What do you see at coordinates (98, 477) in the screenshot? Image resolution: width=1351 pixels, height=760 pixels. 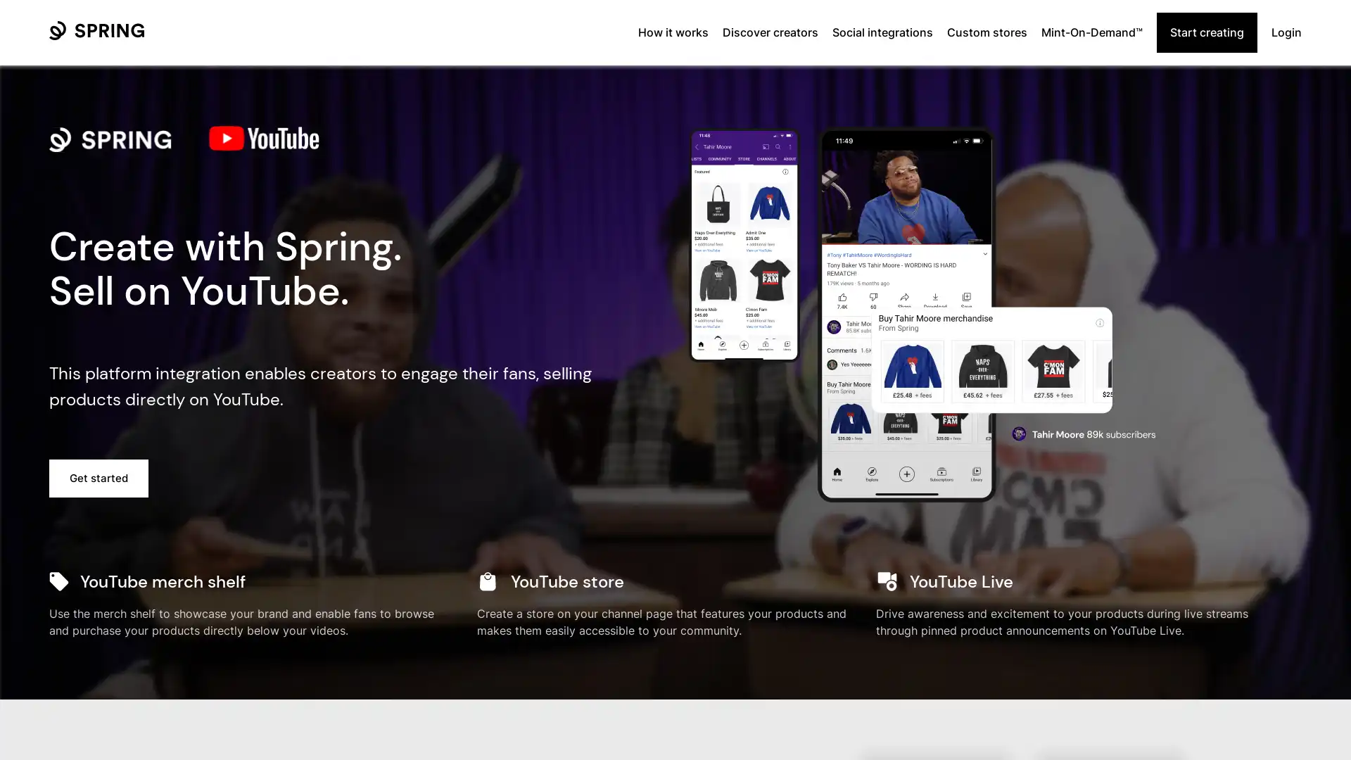 I see `Get started` at bounding box center [98, 477].